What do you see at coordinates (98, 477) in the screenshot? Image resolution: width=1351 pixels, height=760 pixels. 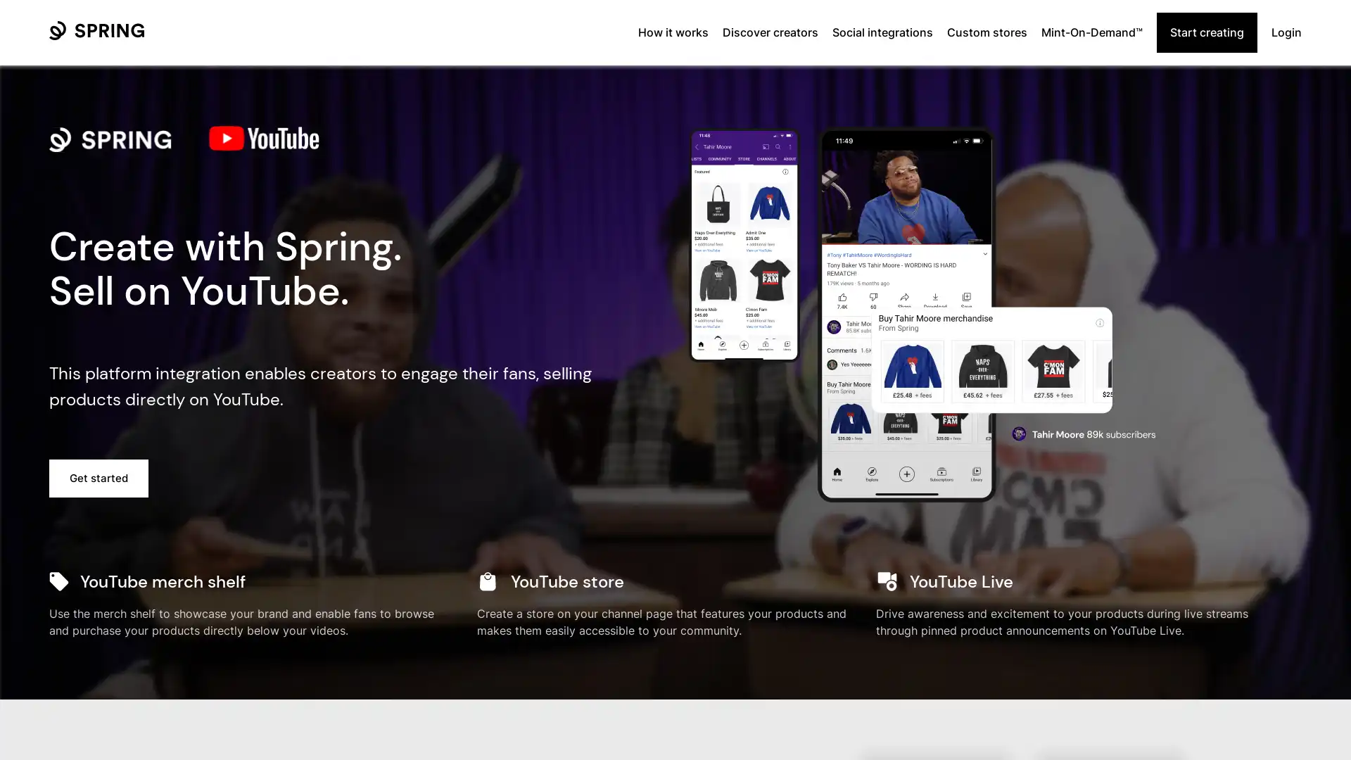 I see `Get started` at bounding box center [98, 477].